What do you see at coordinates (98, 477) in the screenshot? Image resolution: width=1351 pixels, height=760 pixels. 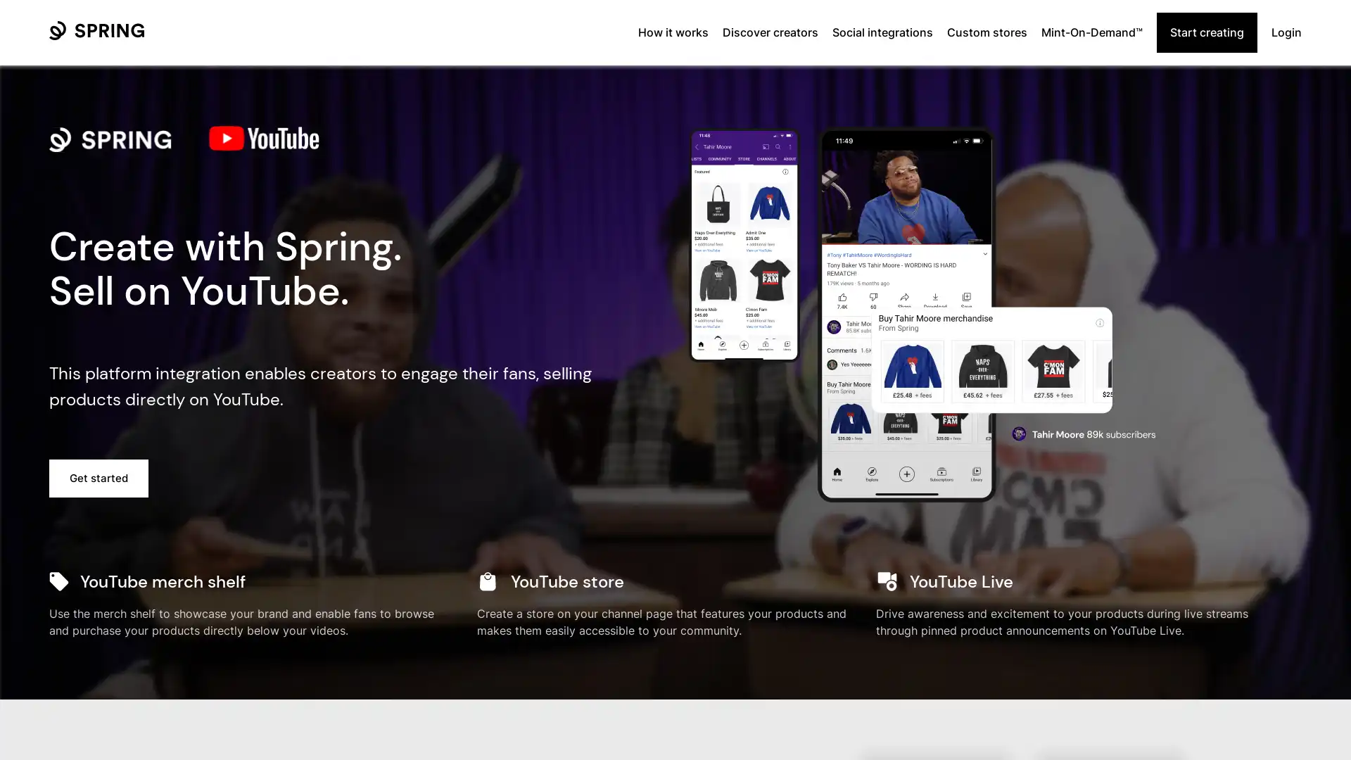 I see `Get started` at bounding box center [98, 477].